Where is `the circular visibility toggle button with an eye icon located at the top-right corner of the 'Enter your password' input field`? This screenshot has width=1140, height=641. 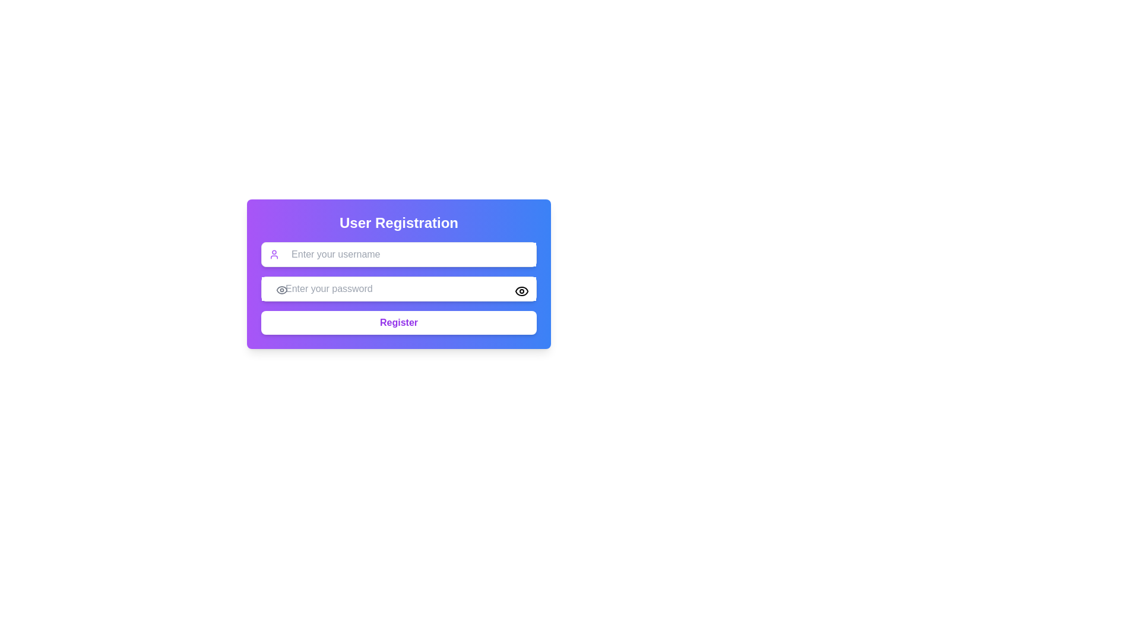
the circular visibility toggle button with an eye icon located at the top-right corner of the 'Enter your password' input field is located at coordinates (521, 291).